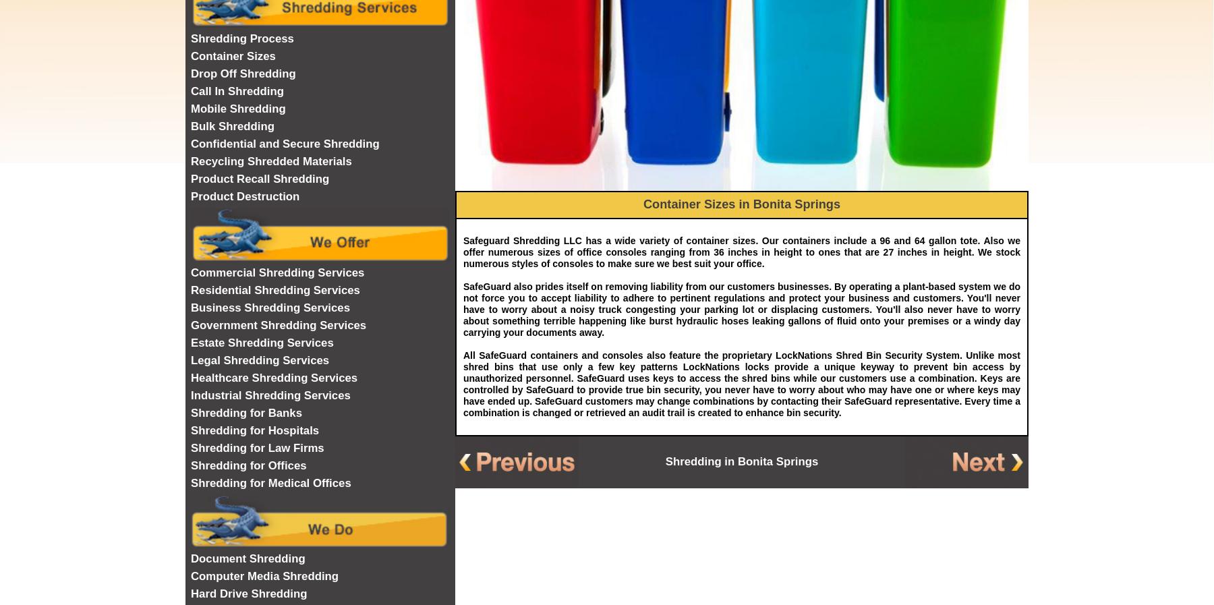  I want to click on 'Shredding in Bonita Springs', so click(741, 461).